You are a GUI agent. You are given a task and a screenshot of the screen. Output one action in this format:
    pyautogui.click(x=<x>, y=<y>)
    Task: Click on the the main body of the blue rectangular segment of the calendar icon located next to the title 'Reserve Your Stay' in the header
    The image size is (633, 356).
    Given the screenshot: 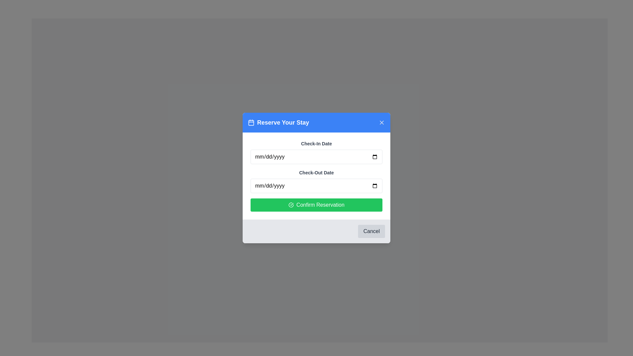 What is the action you would take?
    pyautogui.click(x=251, y=122)
    